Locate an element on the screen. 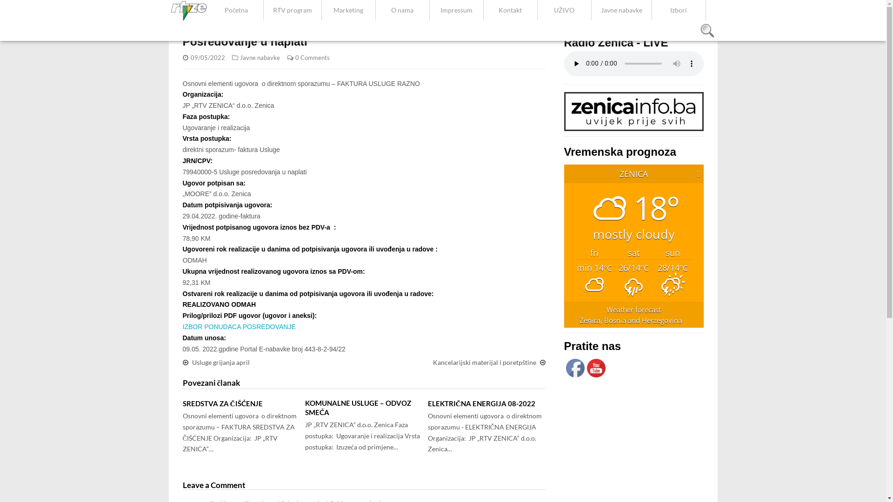 The image size is (893, 502). 'Marketing' is located at coordinates (348, 10).